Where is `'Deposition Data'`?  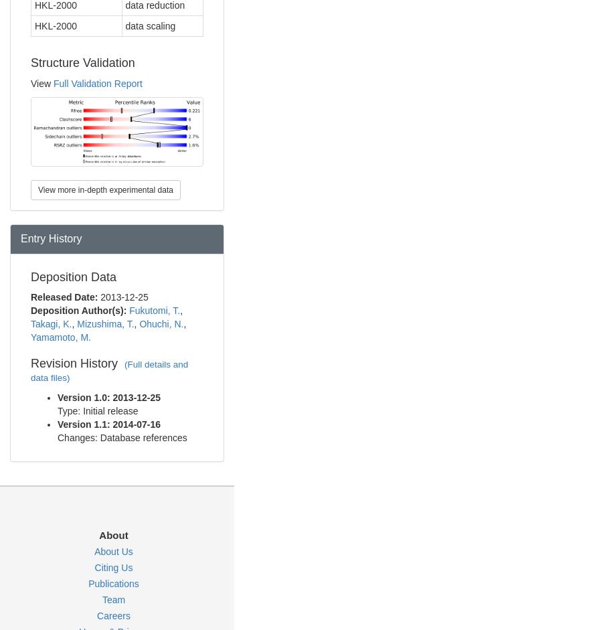
'Deposition Data' is located at coordinates (73, 276).